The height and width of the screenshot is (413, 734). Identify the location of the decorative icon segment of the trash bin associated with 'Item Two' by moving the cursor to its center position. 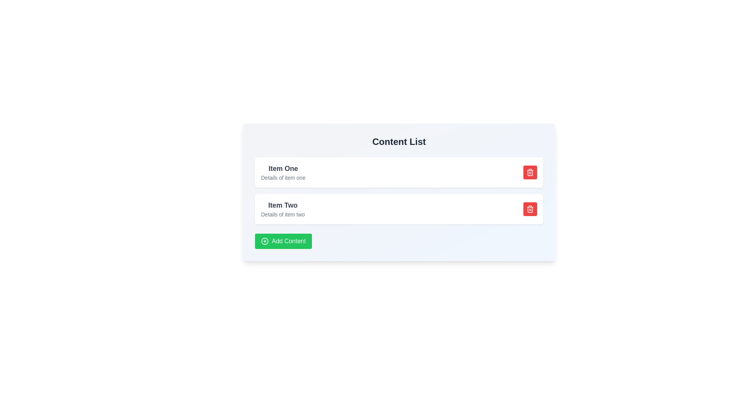
(530, 172).